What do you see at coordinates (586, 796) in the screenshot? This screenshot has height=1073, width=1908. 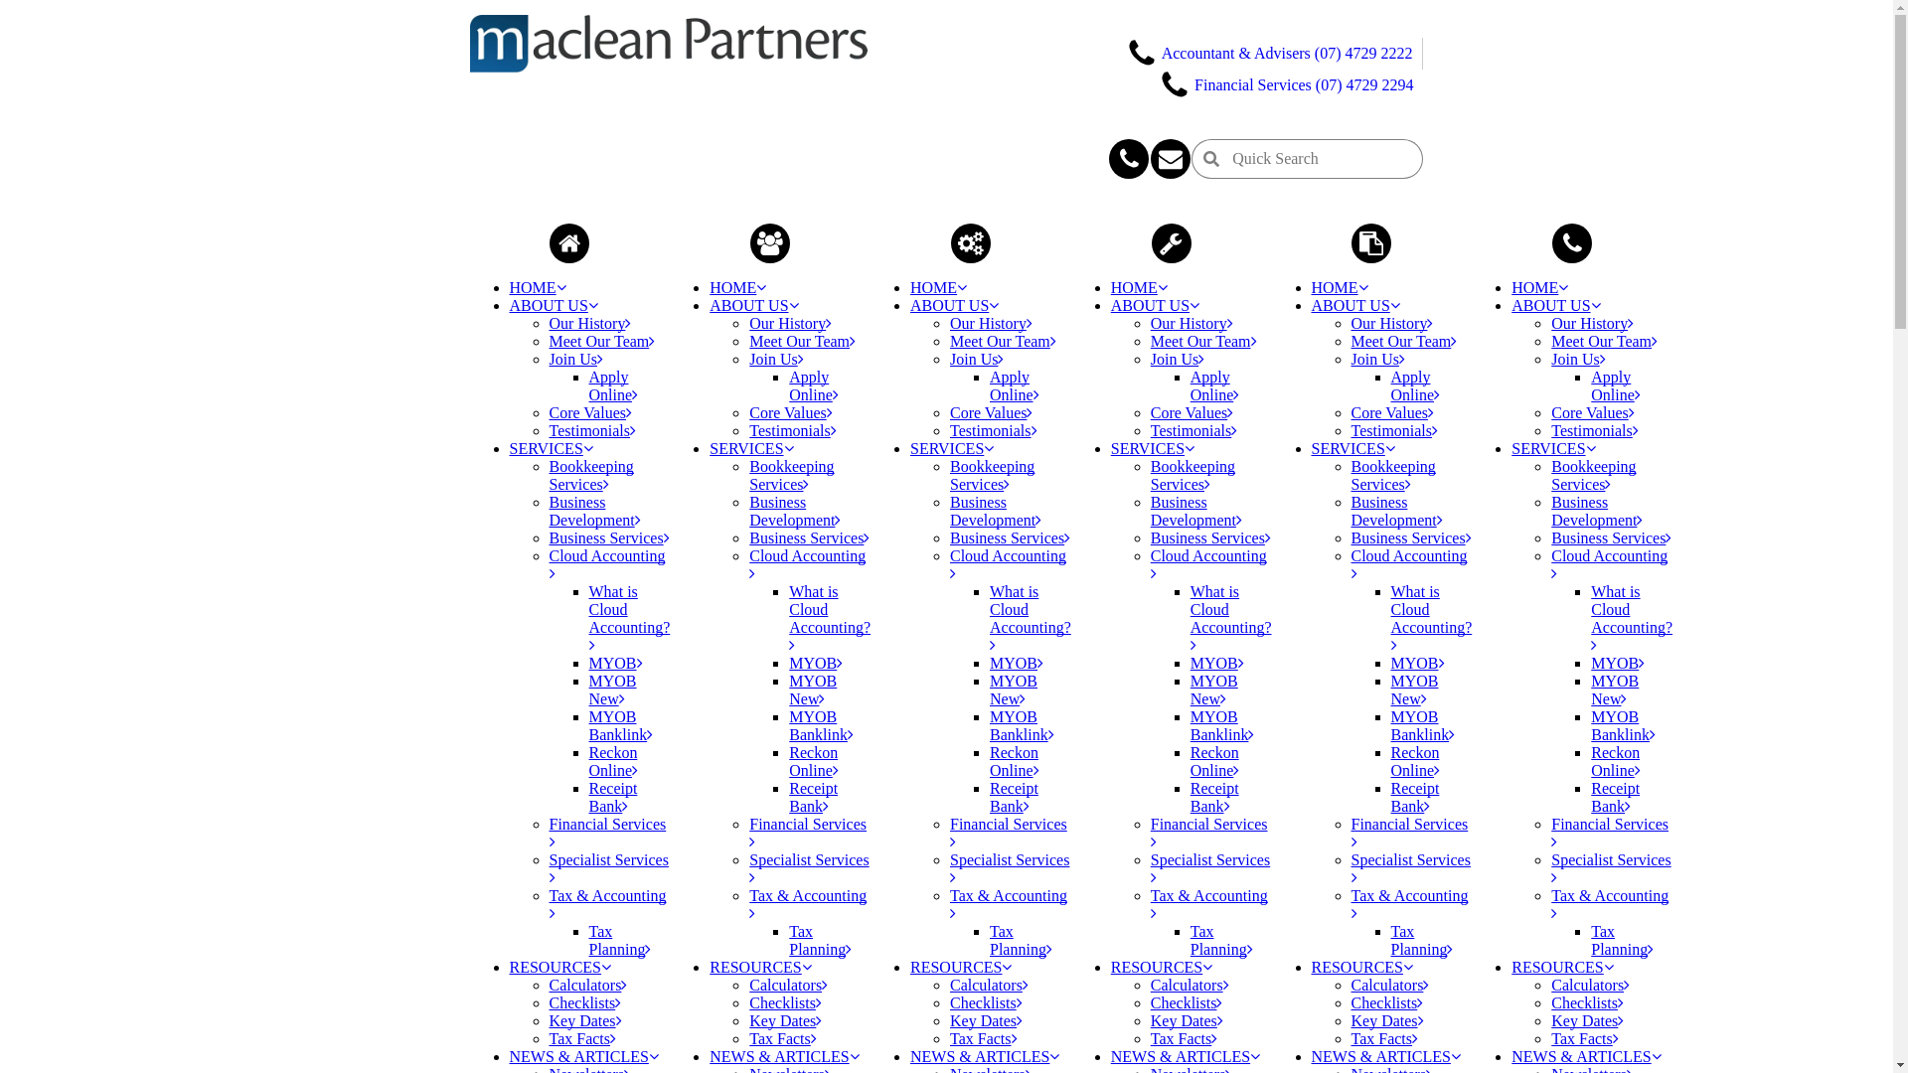 I see `'Receipt Bank'` at bounding box center [586, 796].